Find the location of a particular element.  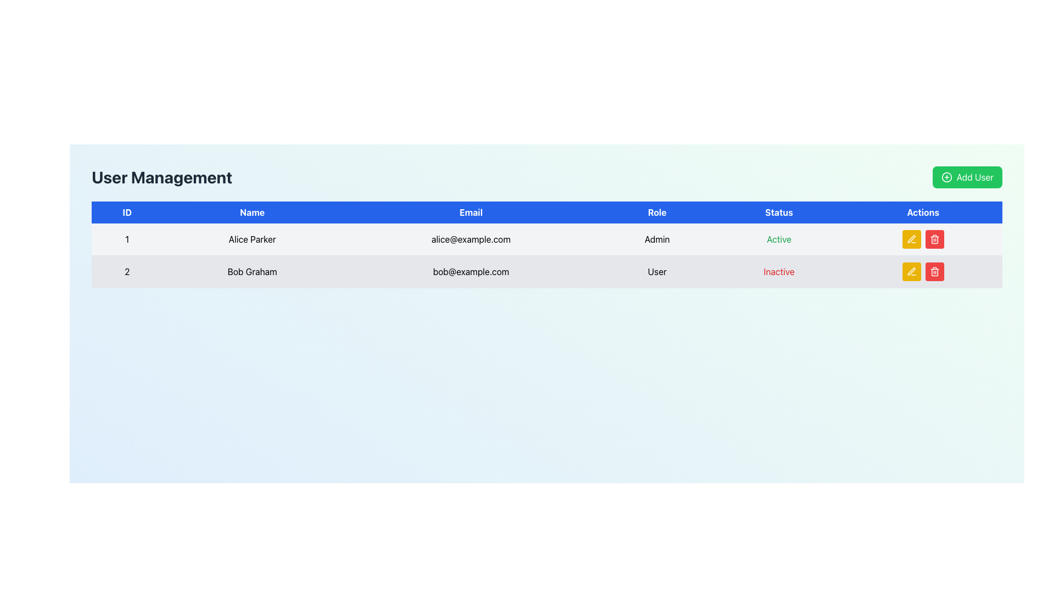

the 'Status' label, which is displayed in bold, white text on a blue background, located in the header row of a table between 'Role' and 'Actions' is located at coordinates (778, 212).